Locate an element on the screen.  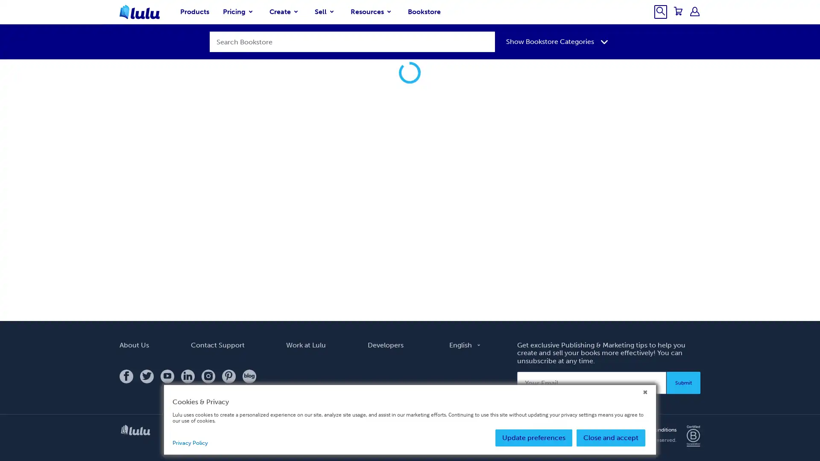
First page is located at coordinates (611, 261).